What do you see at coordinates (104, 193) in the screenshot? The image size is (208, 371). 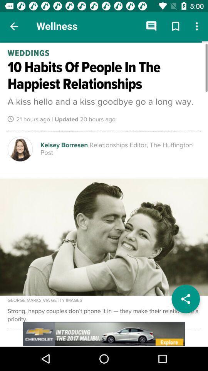 I see `open article` at bounding box center [104, 193].